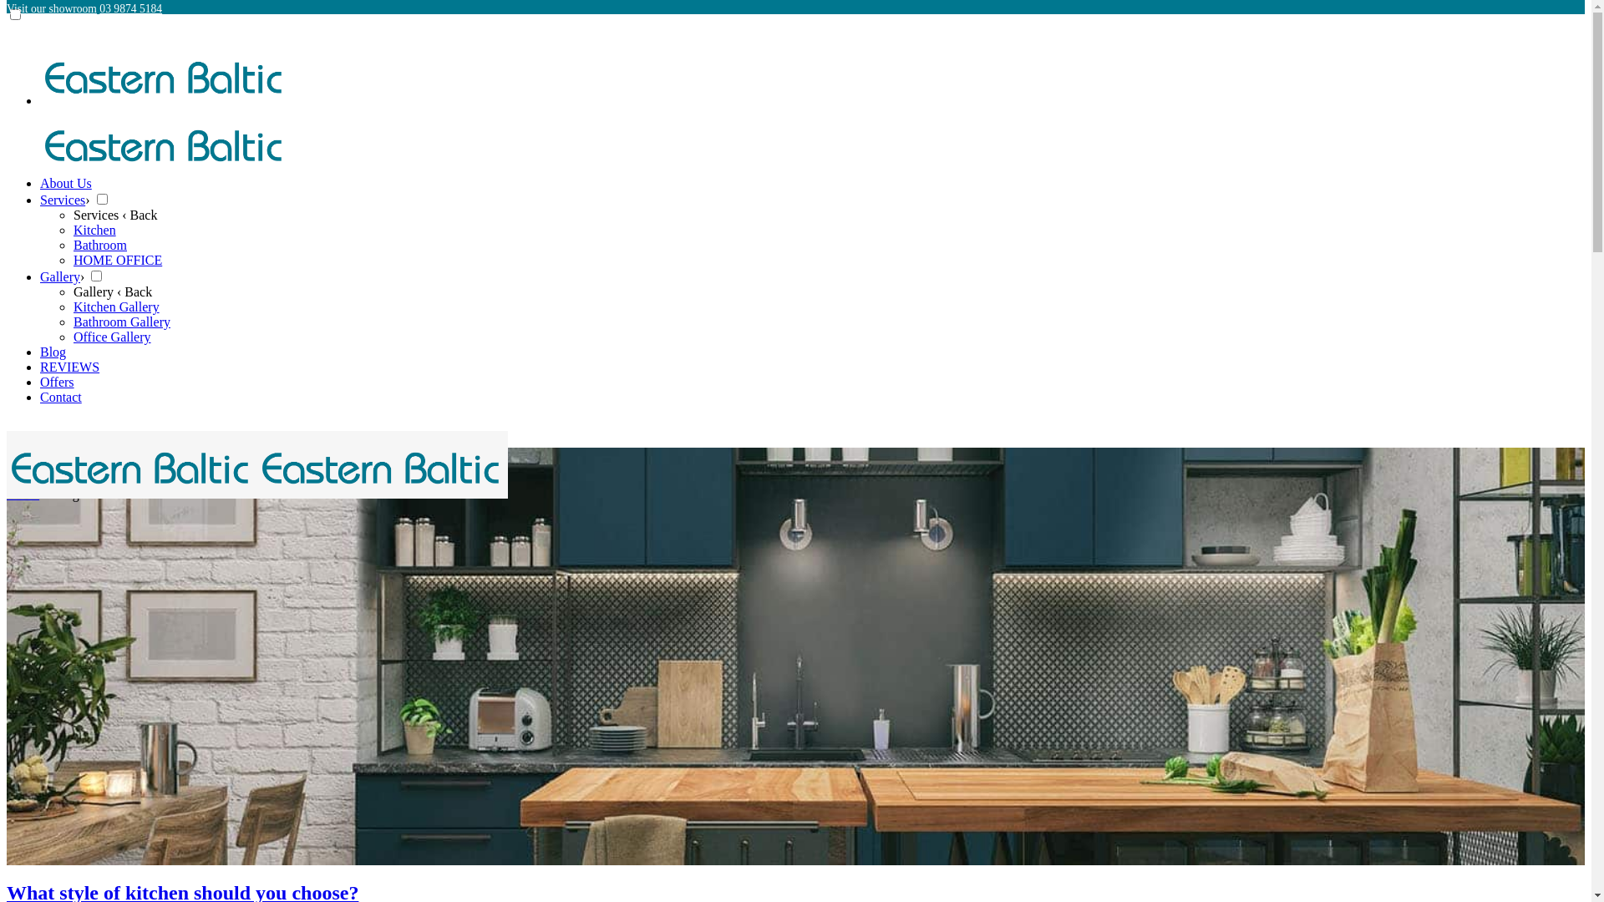  Describe the element at coordinates (52, 8) in the screenshot. I see `'Visit our showroom'` at that location.